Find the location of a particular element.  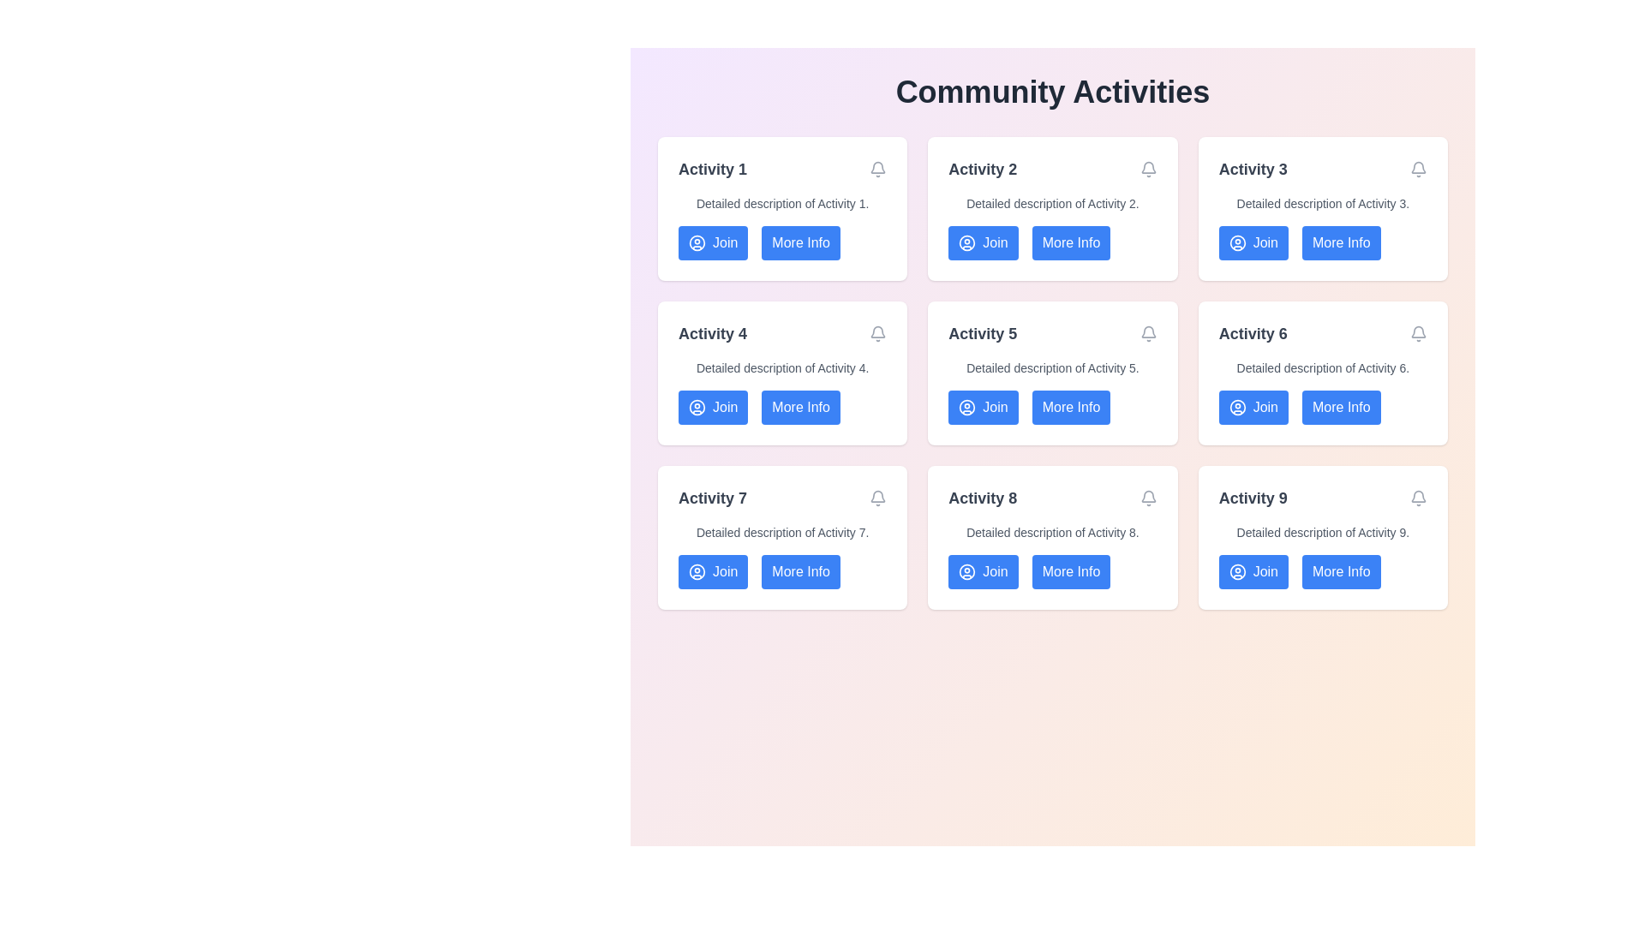

the 'More Info' button with a blue background and white text located in the bottom-right section of the 'Activity 8' card to change its background color is located at coordinates (1051, 571).